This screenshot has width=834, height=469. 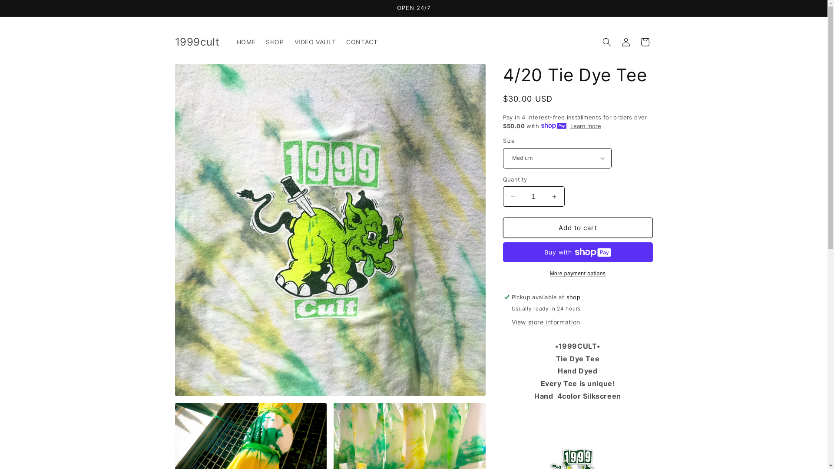 What do you see at coordinates (260, 42) in the screenshot?
I see `'SHOP'` at bounding box center [260, 42].